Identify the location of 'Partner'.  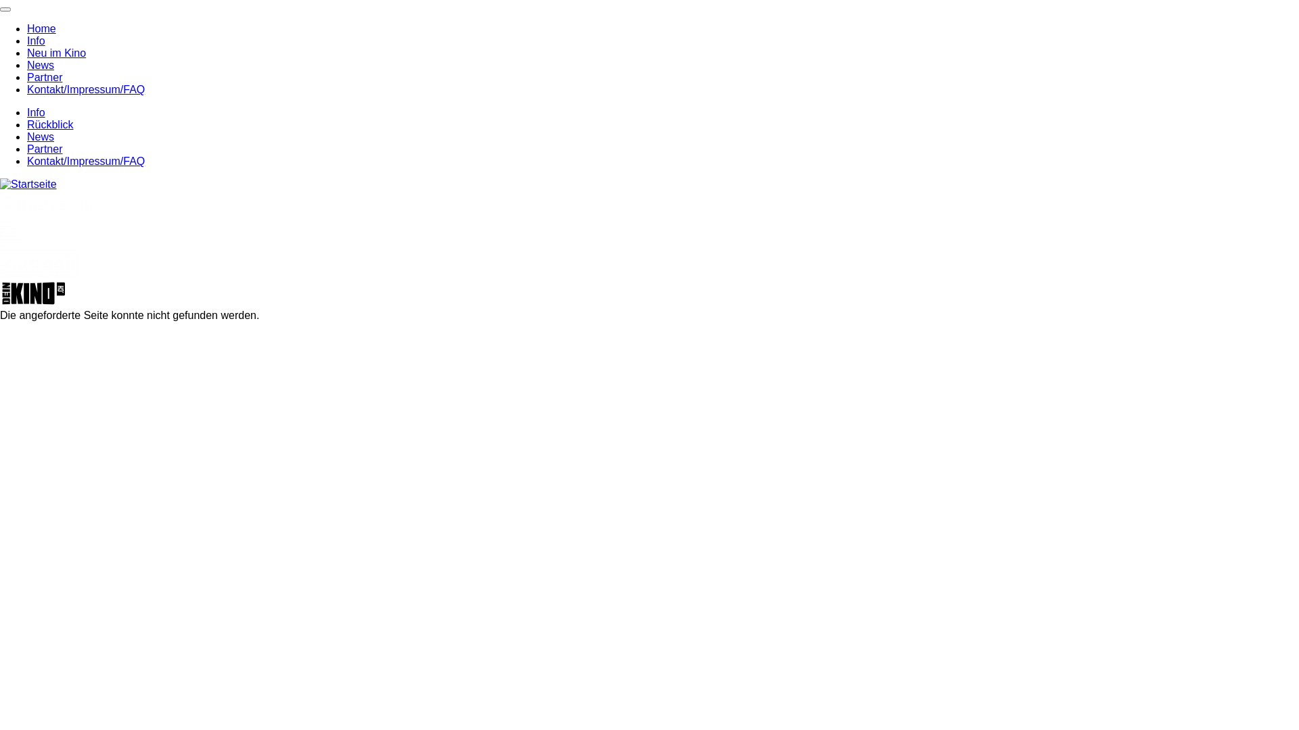
(26, 77).